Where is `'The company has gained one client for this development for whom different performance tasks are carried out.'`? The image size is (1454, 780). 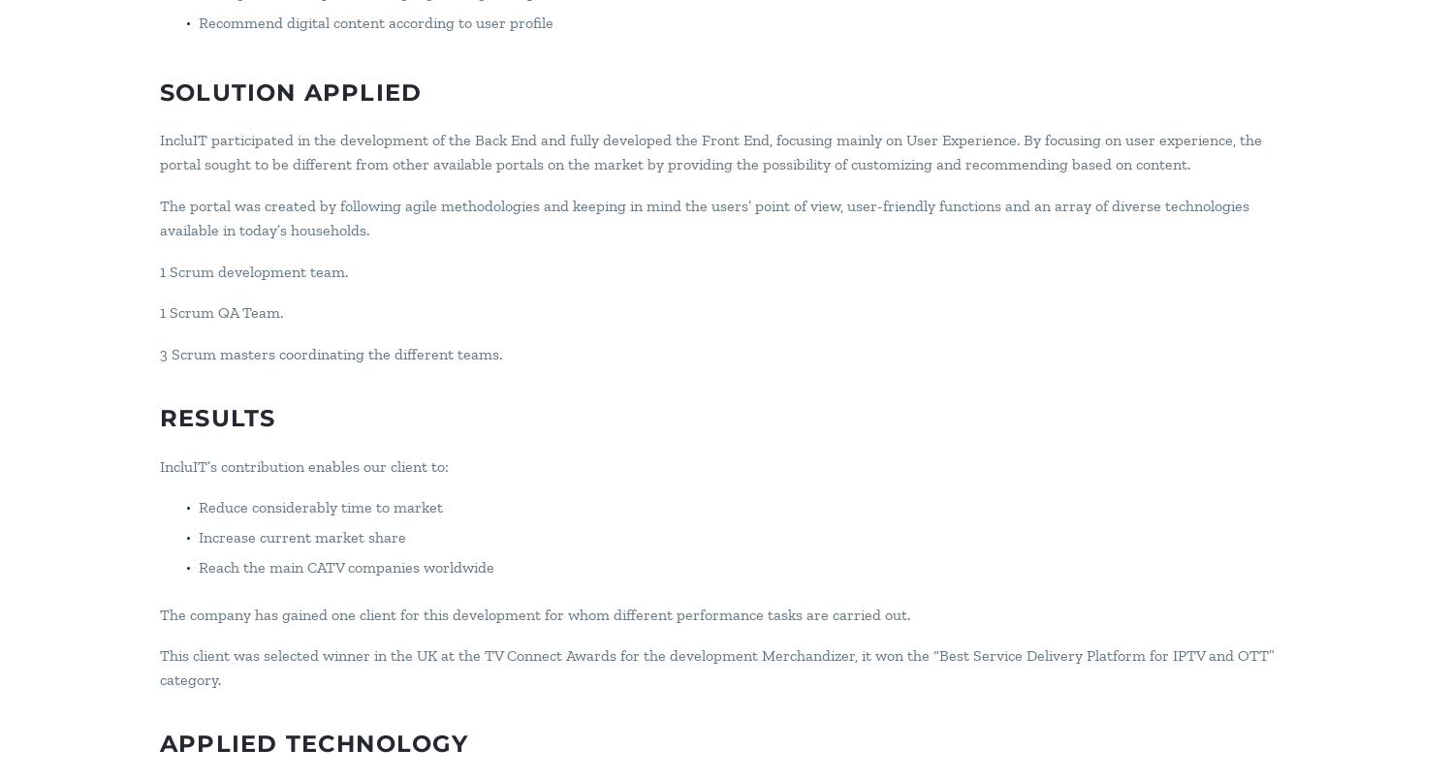 'The company has gained one client for this development for whom different performance tasks are carried out.' is located at coordinates (535, 612).